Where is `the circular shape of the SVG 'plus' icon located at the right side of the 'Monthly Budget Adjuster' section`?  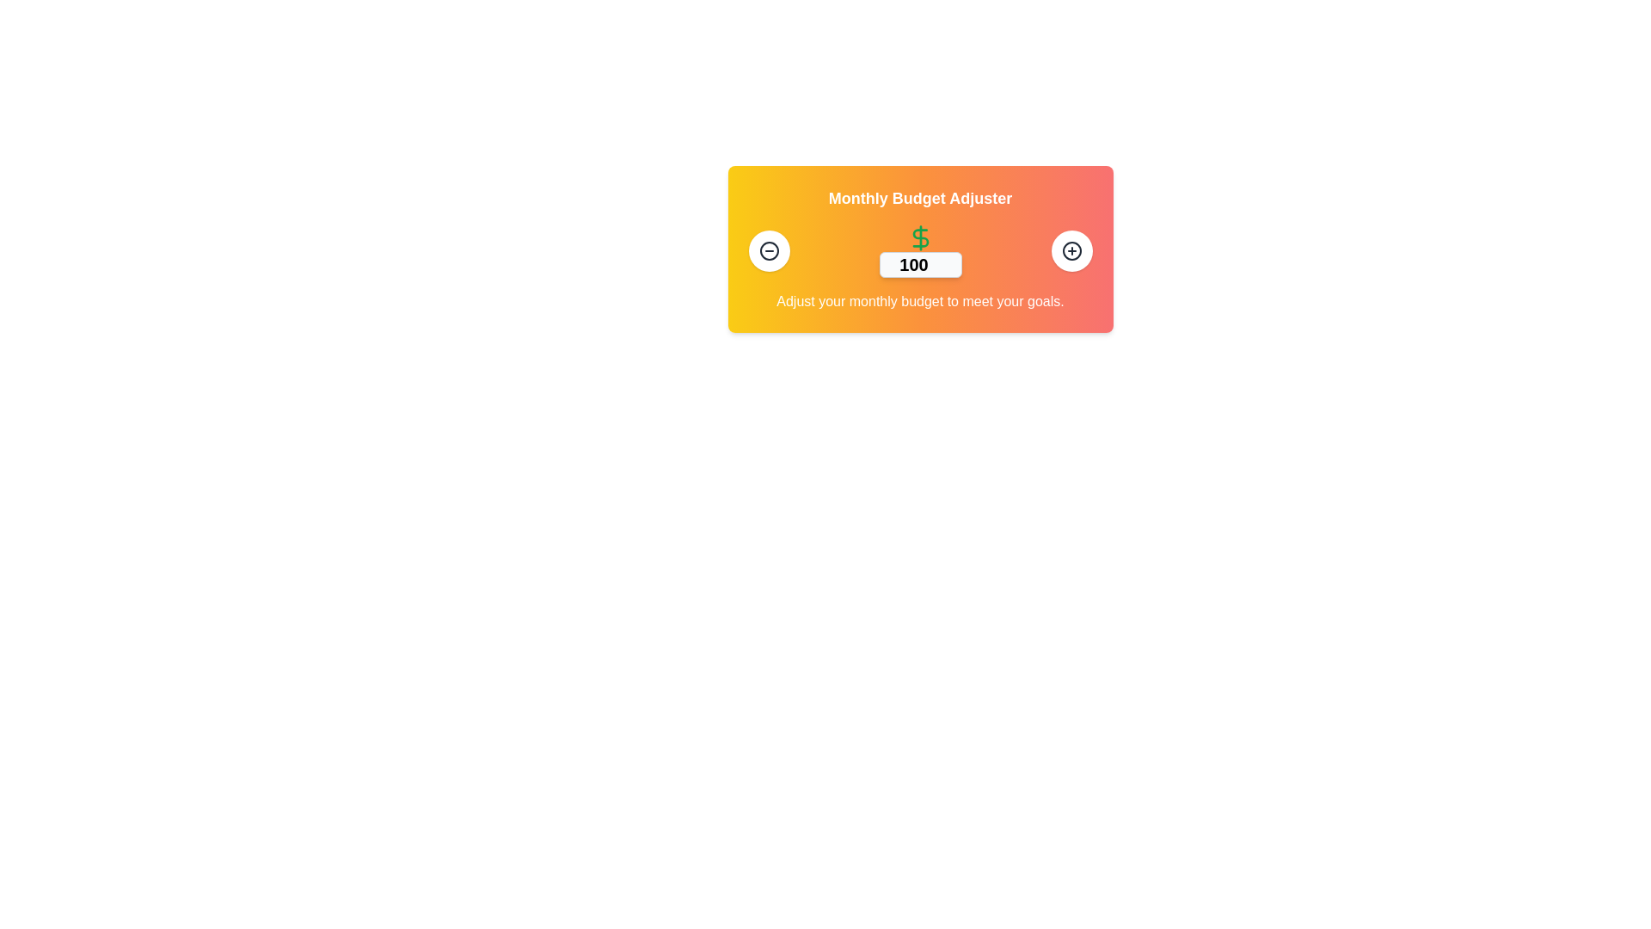
the circular shape of the SVG 'plus' icon located at the right side of the 'Monthly Budget Adjuster' section is located at coordinates (1071, 251).